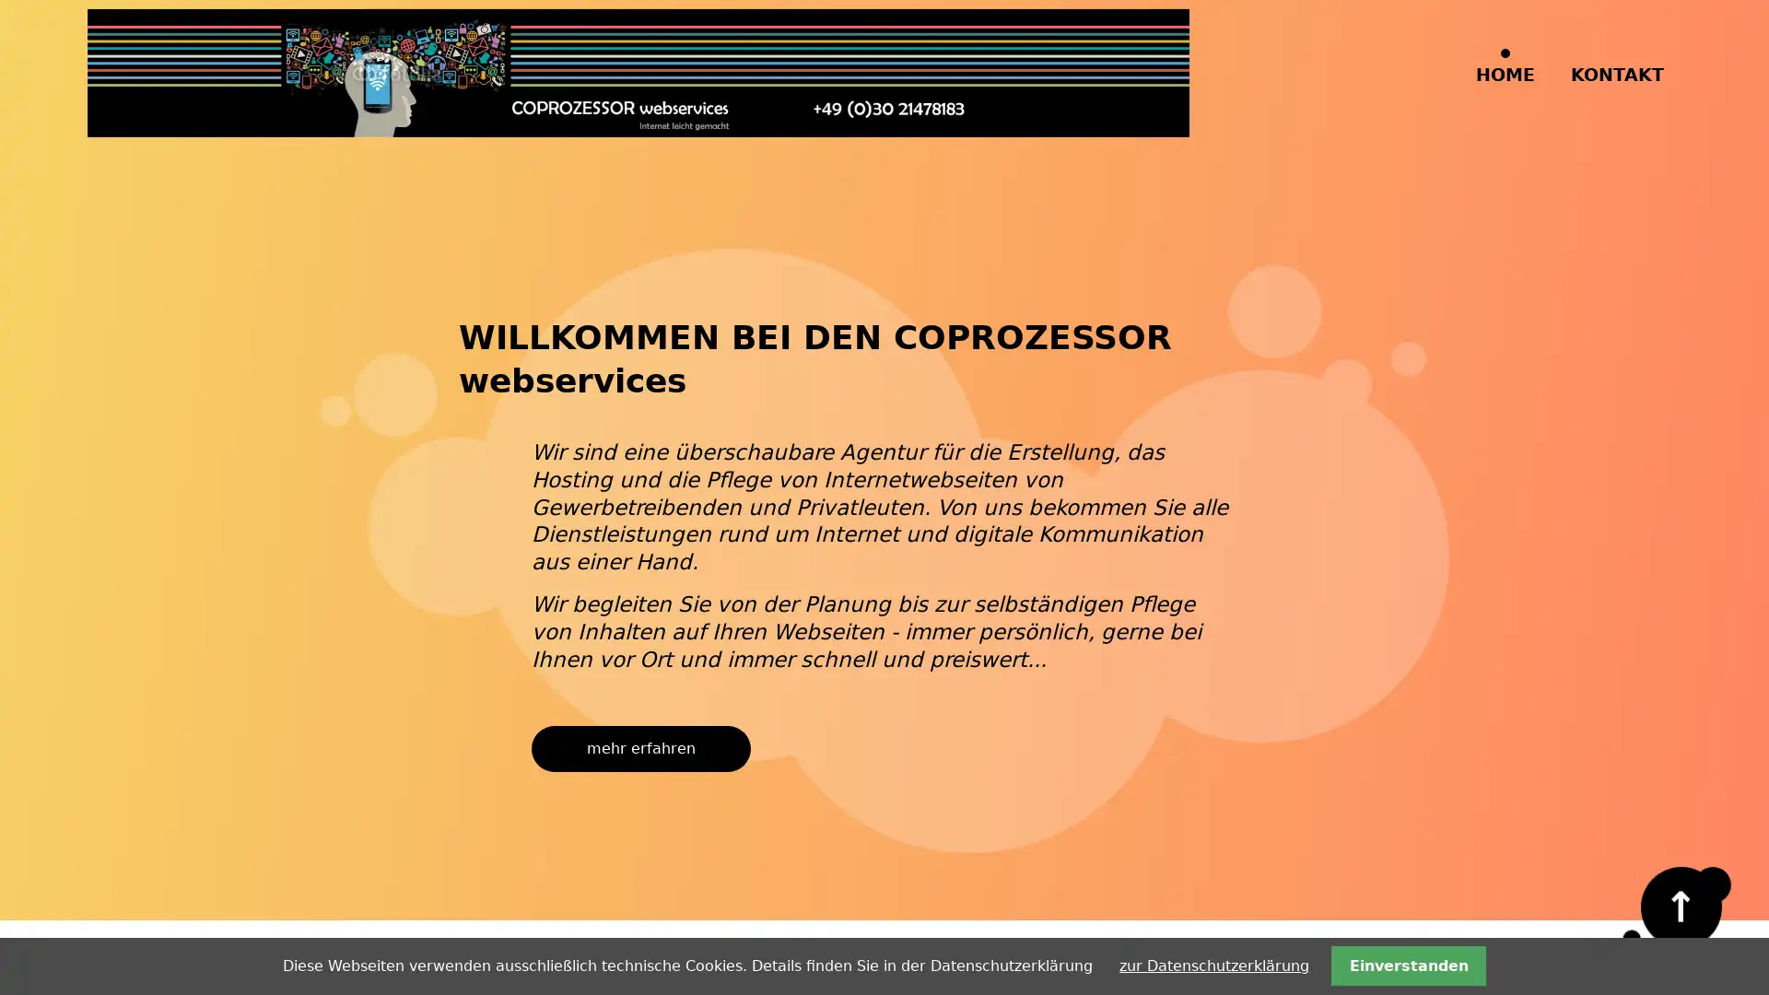 The height and width of the screenshot is (995, 1769). What do you see at coordinates (1407, 965) in the screenshot?
I see `Einverstanden` at bounding box center [1407, 965].